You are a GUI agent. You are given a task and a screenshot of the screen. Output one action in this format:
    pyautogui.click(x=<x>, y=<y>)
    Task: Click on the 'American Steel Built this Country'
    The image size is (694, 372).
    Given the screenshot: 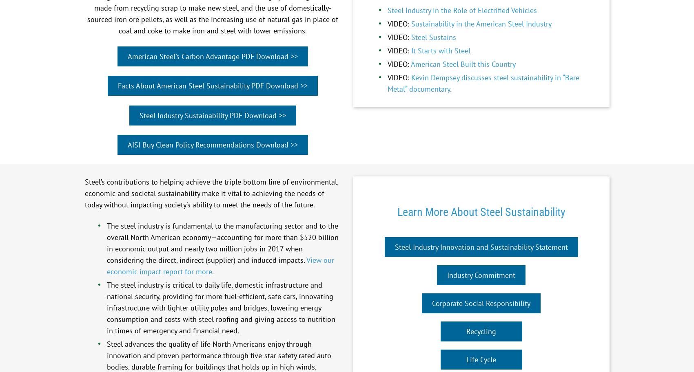 What is the action you would take?
    pyautogui.click(x=462, y=63)
    